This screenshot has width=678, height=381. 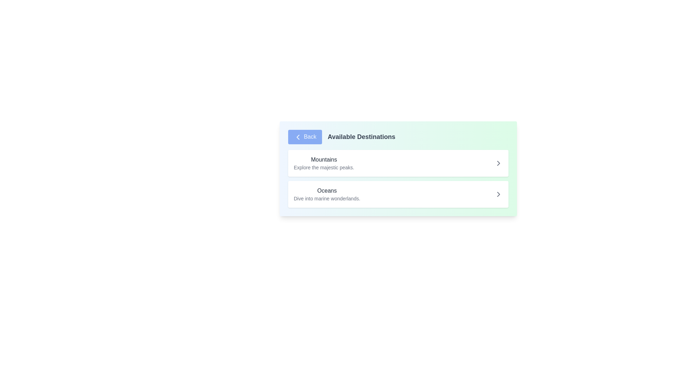 What do you see at coordinates (498, 163) in the screenshot?
I see `the chevron icon located at the far right end of the 'Mountains' section` at bounding box center [498, 163].